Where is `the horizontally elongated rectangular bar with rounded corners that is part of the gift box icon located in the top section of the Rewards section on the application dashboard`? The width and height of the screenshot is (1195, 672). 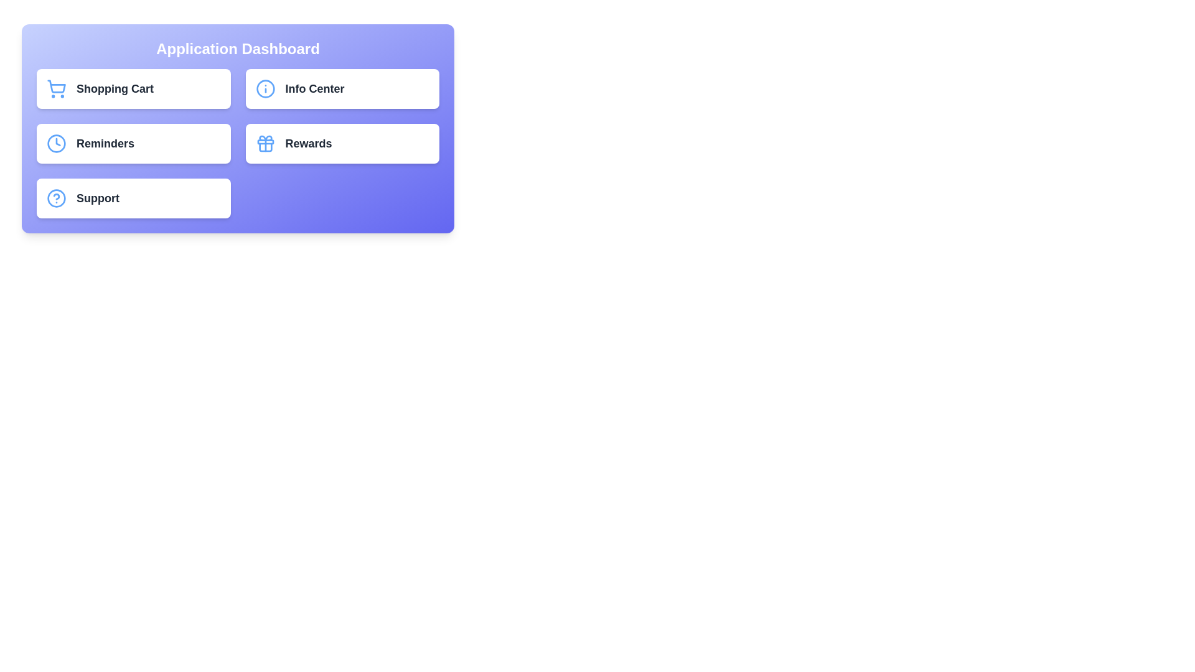
the horizontally elongated rectangular bar with rounded corners that is part of the gift box icon located in the top section of the Rewards section on the application dashboard is located at coordinates (265, 141).